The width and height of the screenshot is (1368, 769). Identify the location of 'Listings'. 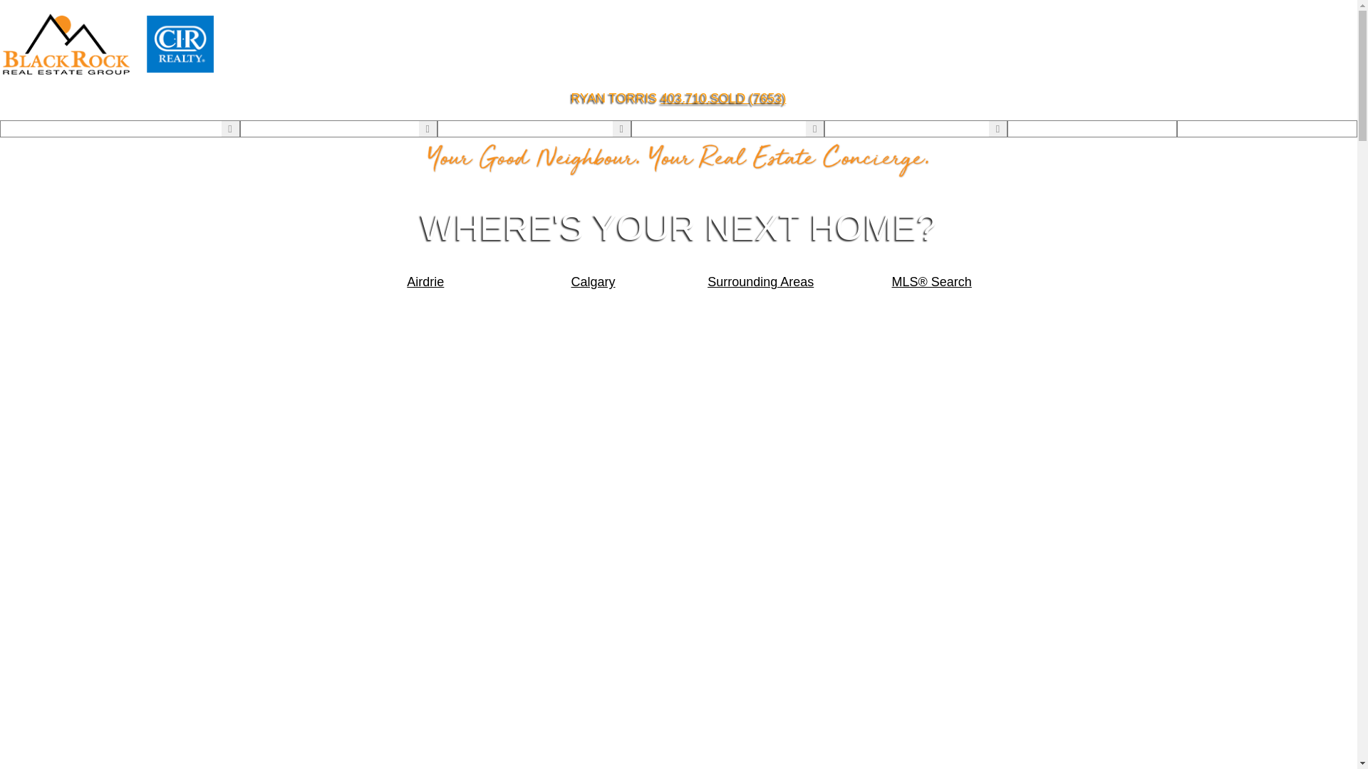
(263, 129).